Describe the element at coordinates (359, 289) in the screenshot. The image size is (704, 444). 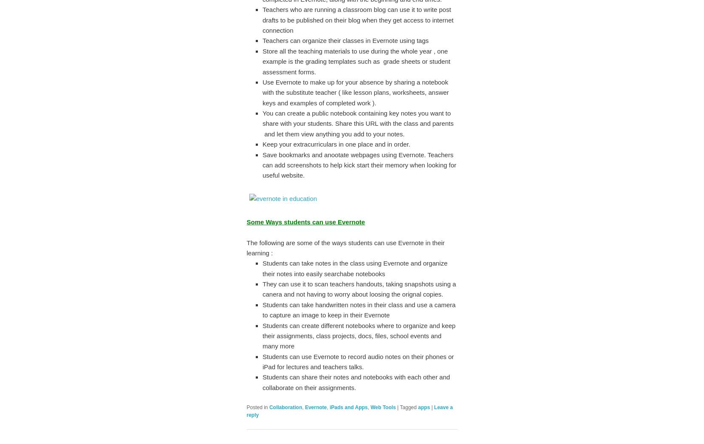
I see `'They can use it to scan teachers handouts, taking snapshots using a canera and not having to worry about loosing the orignal copies.'` at that location.